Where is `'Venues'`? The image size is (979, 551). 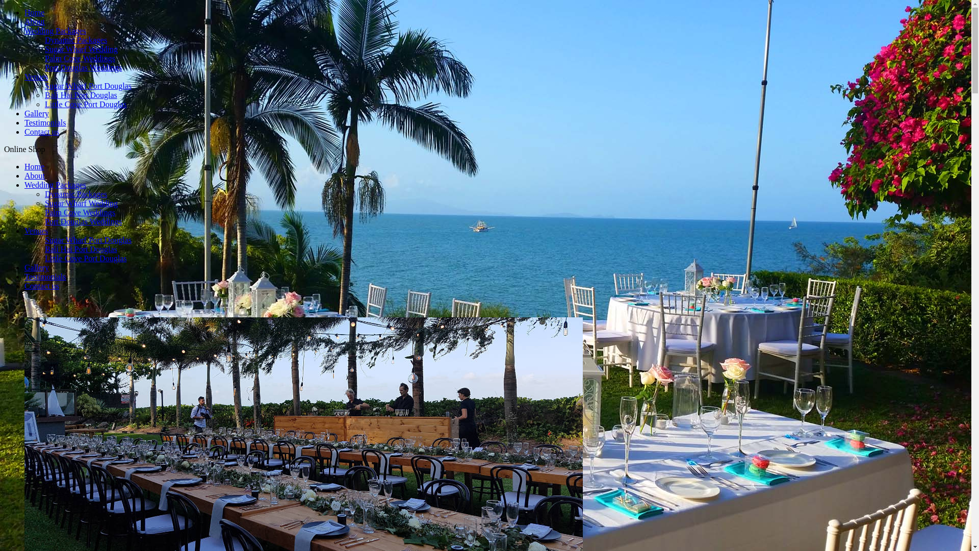 'Venues' is located at coordinates (24, 76).